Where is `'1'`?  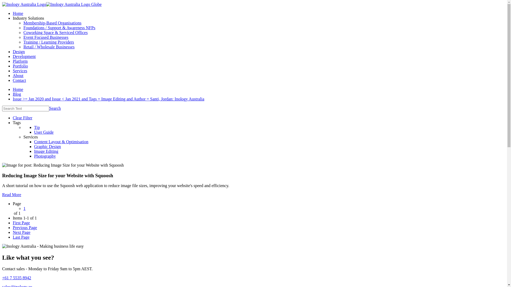
'1' is located at coordinates (24, 208).